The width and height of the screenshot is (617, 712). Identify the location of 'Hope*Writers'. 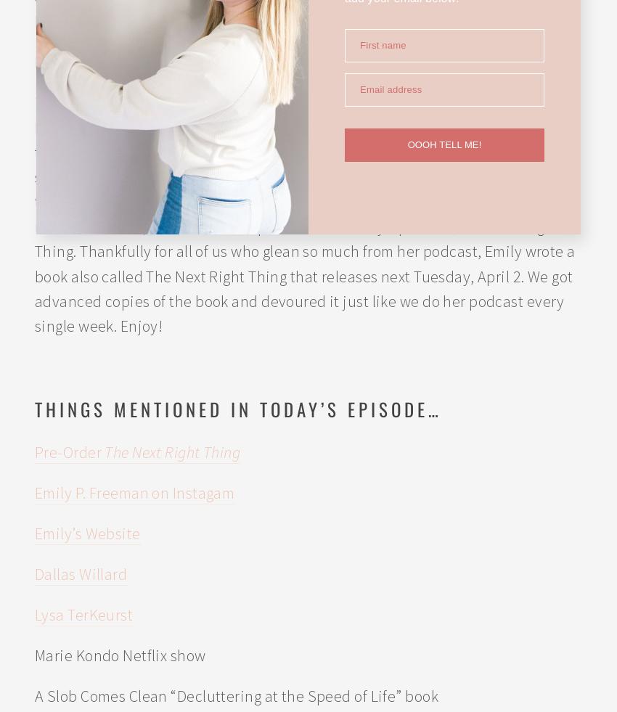
(35, 85).